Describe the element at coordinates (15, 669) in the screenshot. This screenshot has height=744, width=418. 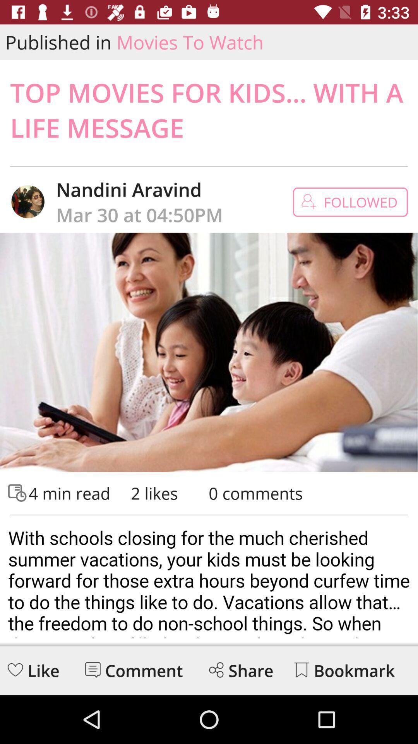
I see `tap to like` at that location.